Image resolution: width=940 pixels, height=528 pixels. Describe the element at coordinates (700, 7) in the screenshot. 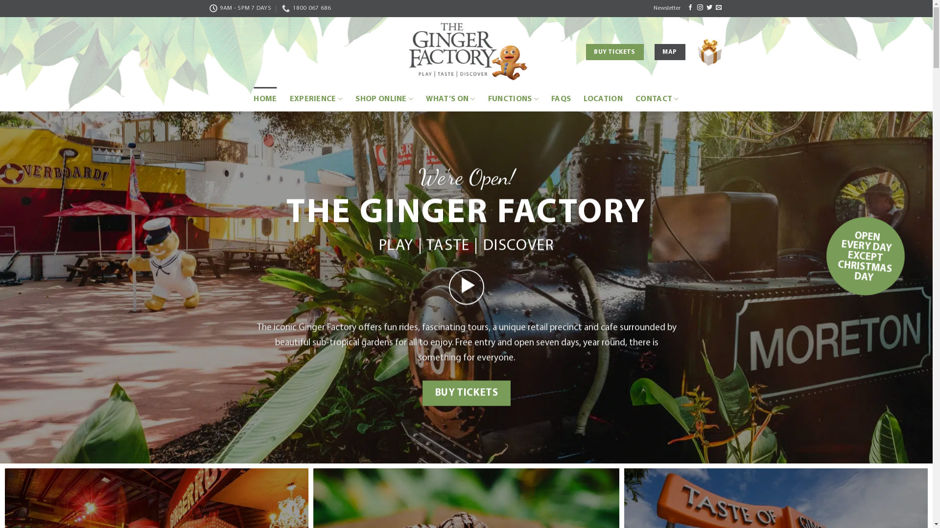

I see `'Follow on Instagram'` at that location.